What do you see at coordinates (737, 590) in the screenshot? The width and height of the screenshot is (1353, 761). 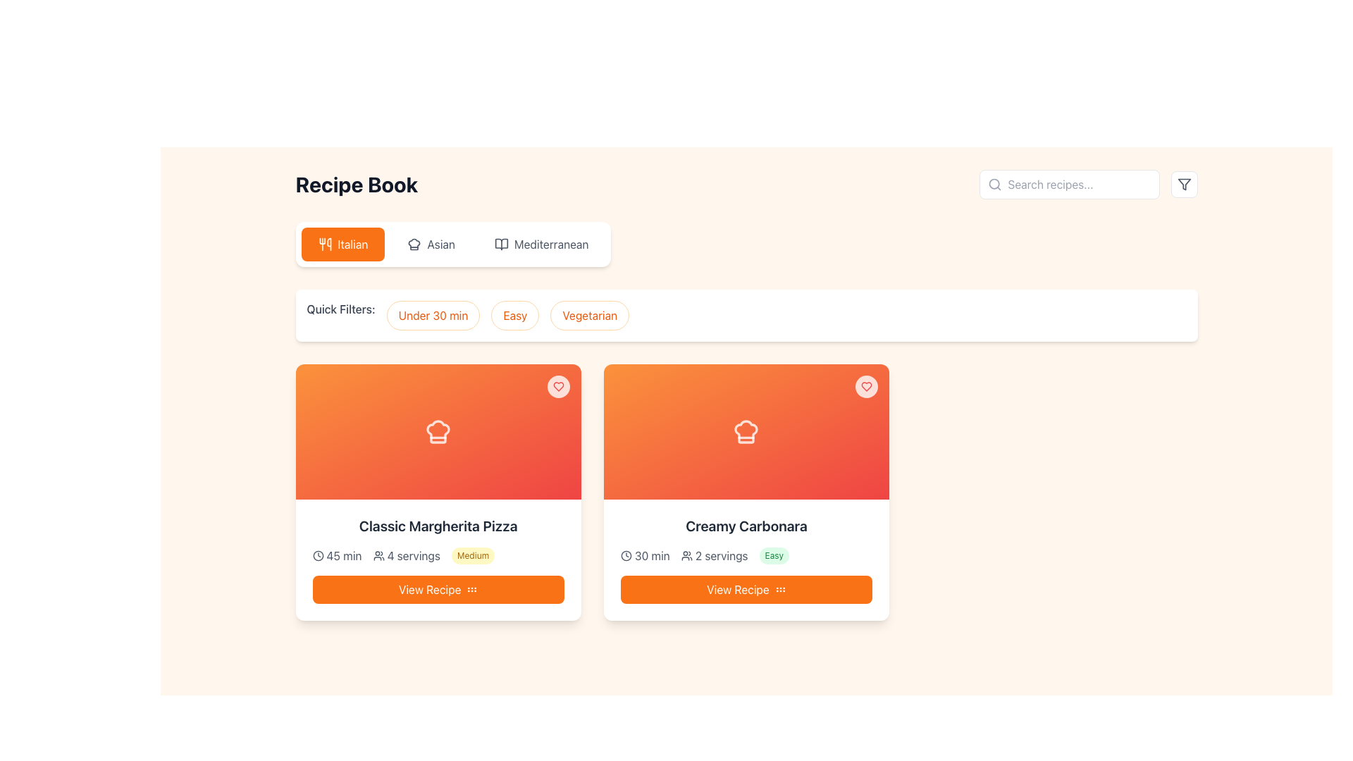 I see `the 'View Recipe' text label within the button located beneath the 'Creamy Carbonara' card` at bounding box center [737, 590].